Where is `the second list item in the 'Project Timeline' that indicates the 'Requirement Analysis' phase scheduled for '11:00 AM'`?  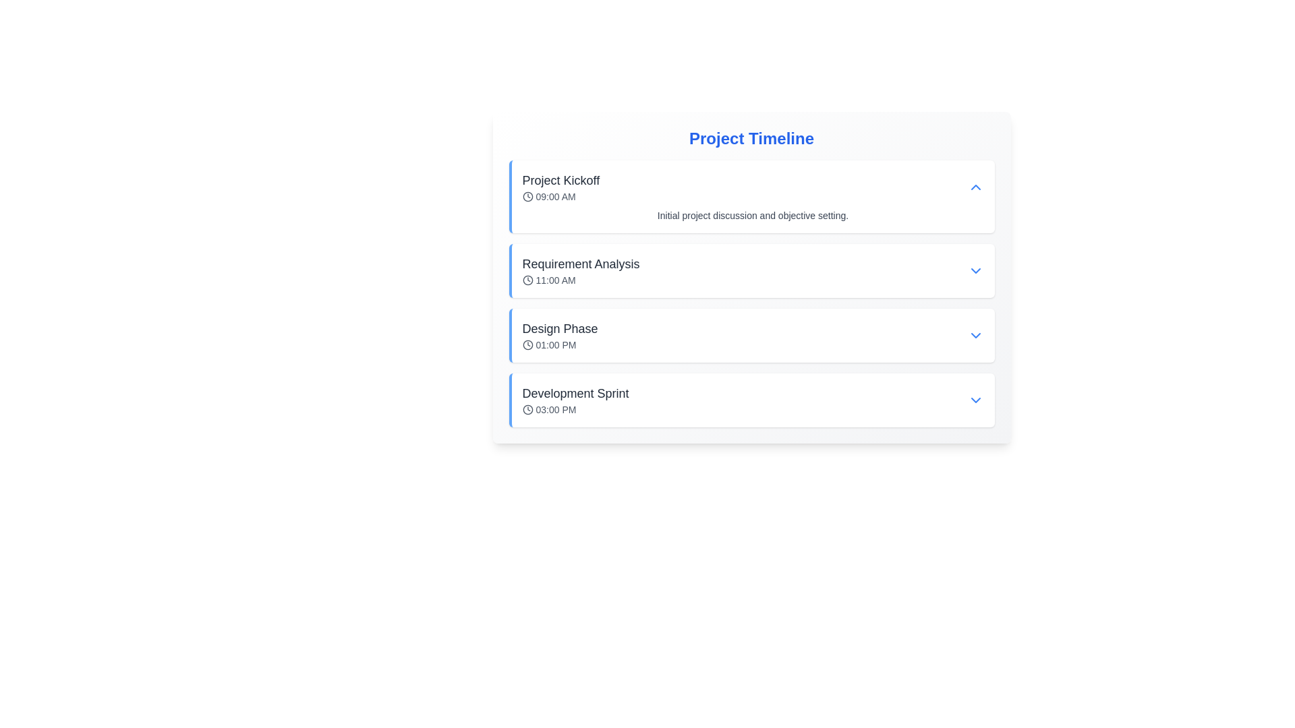 the second list item in the 'Project Timeline' that indicates the 'Requirement Analysis' phase scheduled for '11:00 AM' is located at coordinates (751, 293).